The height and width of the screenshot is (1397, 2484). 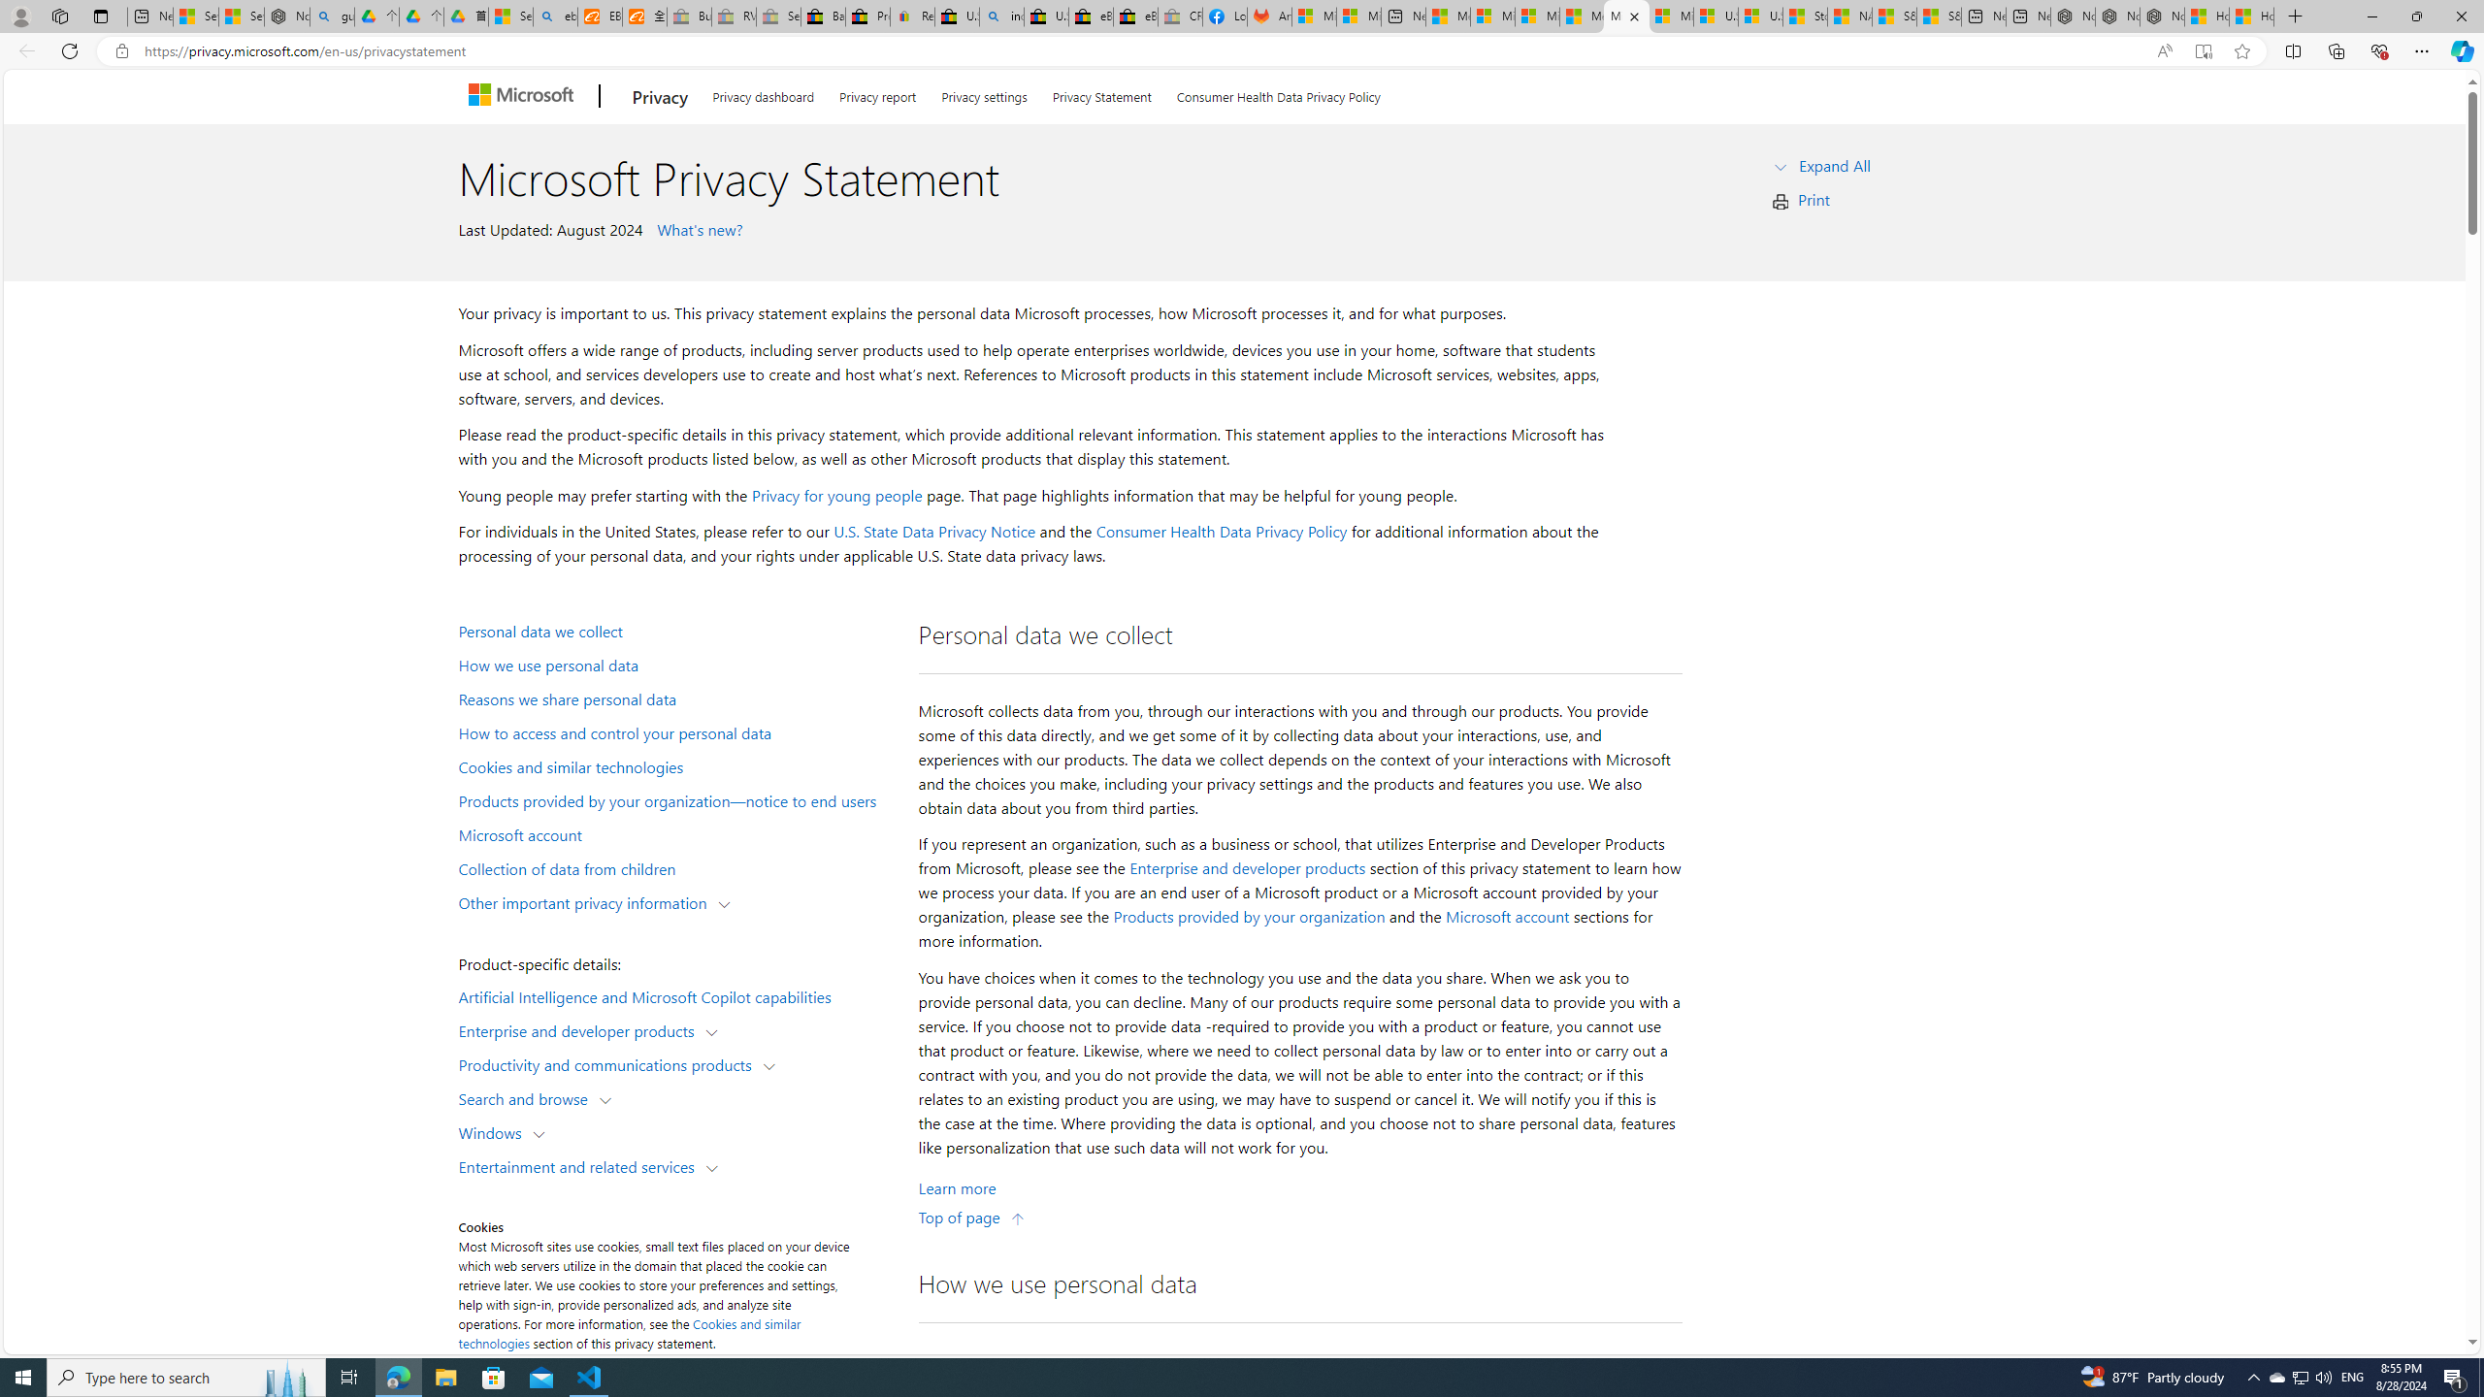 What do you see at coordinates (911, 16) in the screenshot?
I see `'Register: Create a personal eBay account'` at bounding box center [911, 16].